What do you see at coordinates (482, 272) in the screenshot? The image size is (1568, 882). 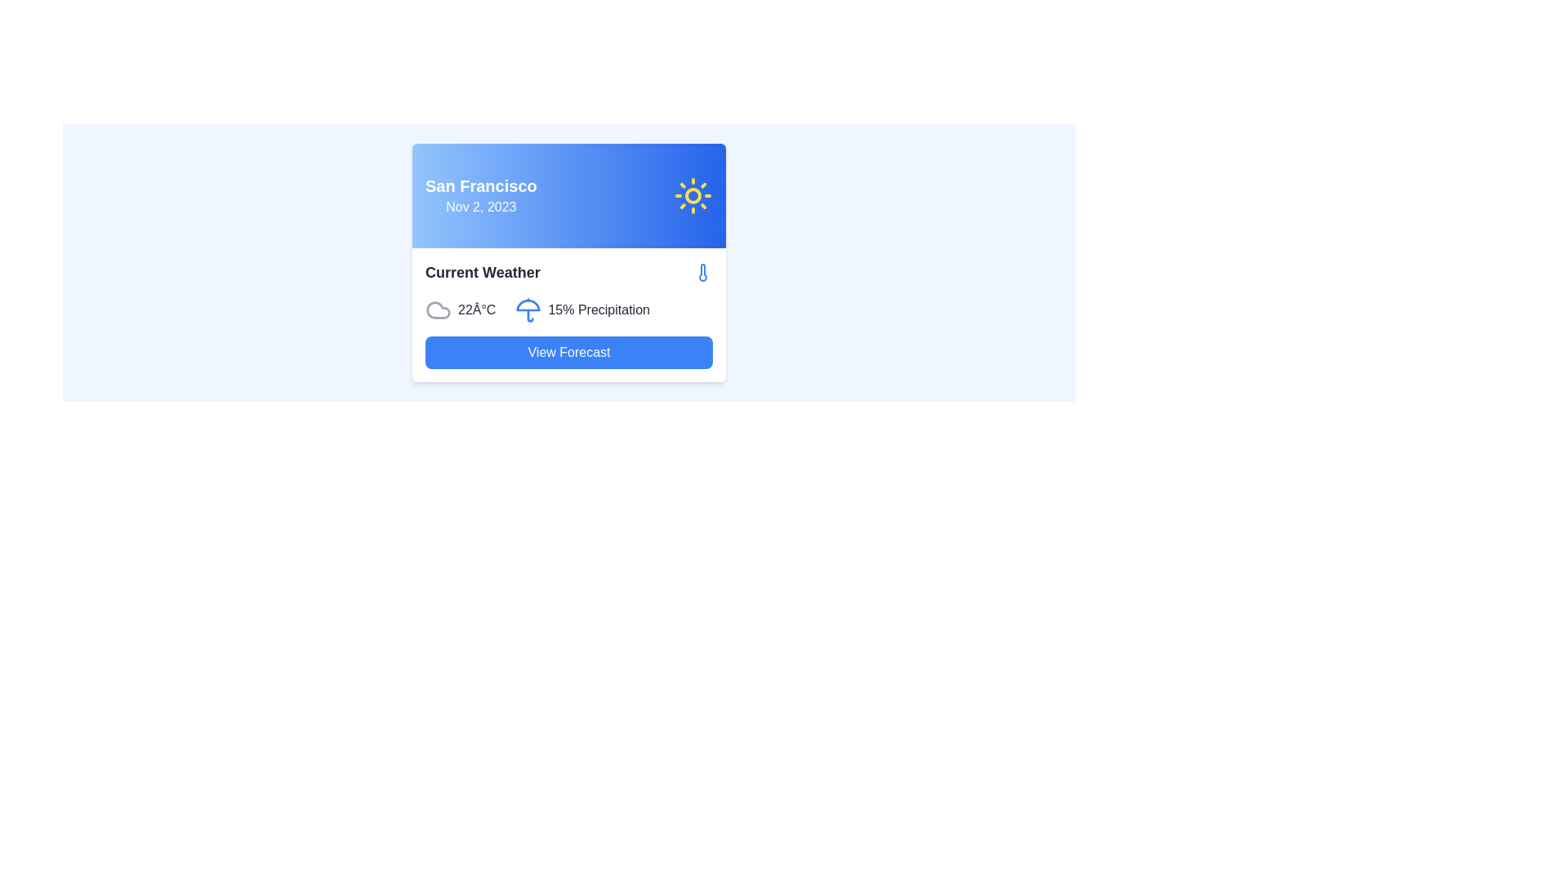 I see `text element displaying 'Current Weather', which is styled in bold, larger sans-serif font, and is dark gray in color, located at the top-middle section of the card below the title 'San Francisco Nov 2, 2023'` at bounding box center [482, 272].